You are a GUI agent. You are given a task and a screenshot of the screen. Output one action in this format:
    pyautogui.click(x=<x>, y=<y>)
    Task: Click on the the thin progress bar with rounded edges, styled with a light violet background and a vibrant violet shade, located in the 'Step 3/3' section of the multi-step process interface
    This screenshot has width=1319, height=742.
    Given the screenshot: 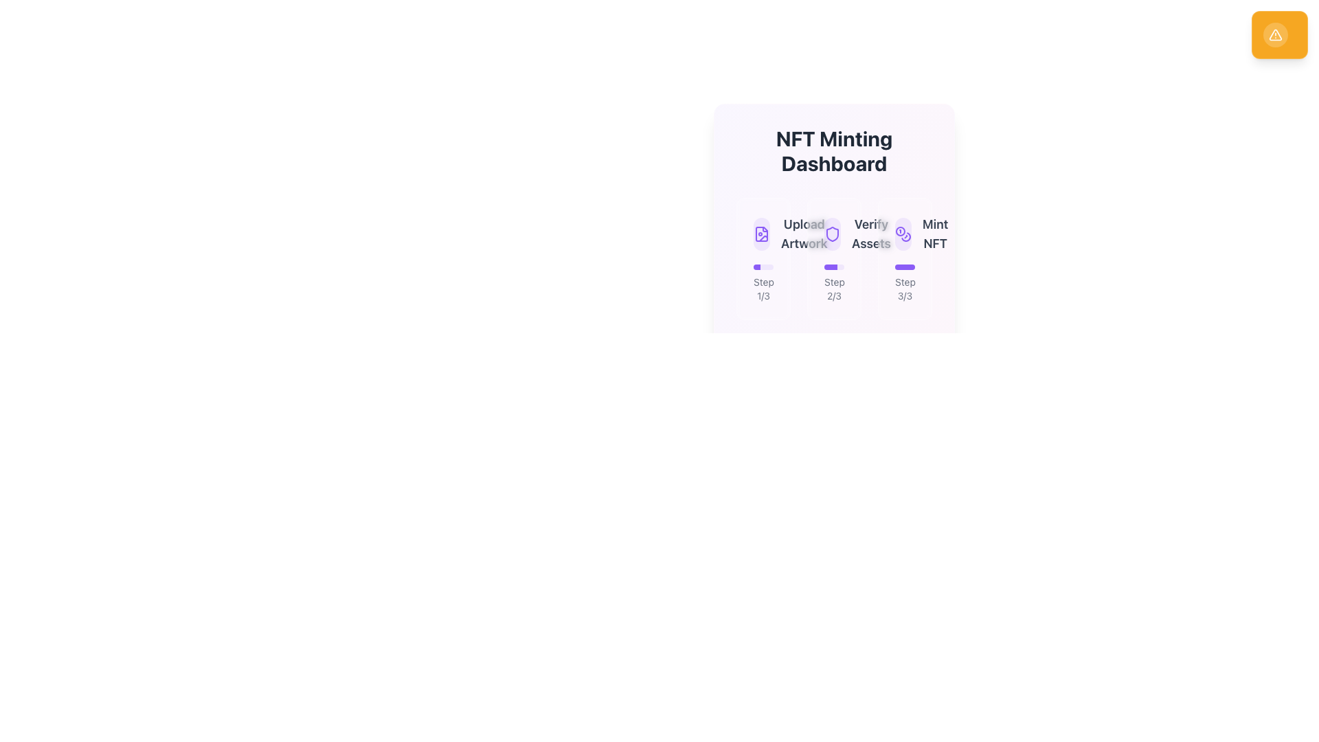 What is the action you would take?
    pyautogui.click(x=905, y=267)
    